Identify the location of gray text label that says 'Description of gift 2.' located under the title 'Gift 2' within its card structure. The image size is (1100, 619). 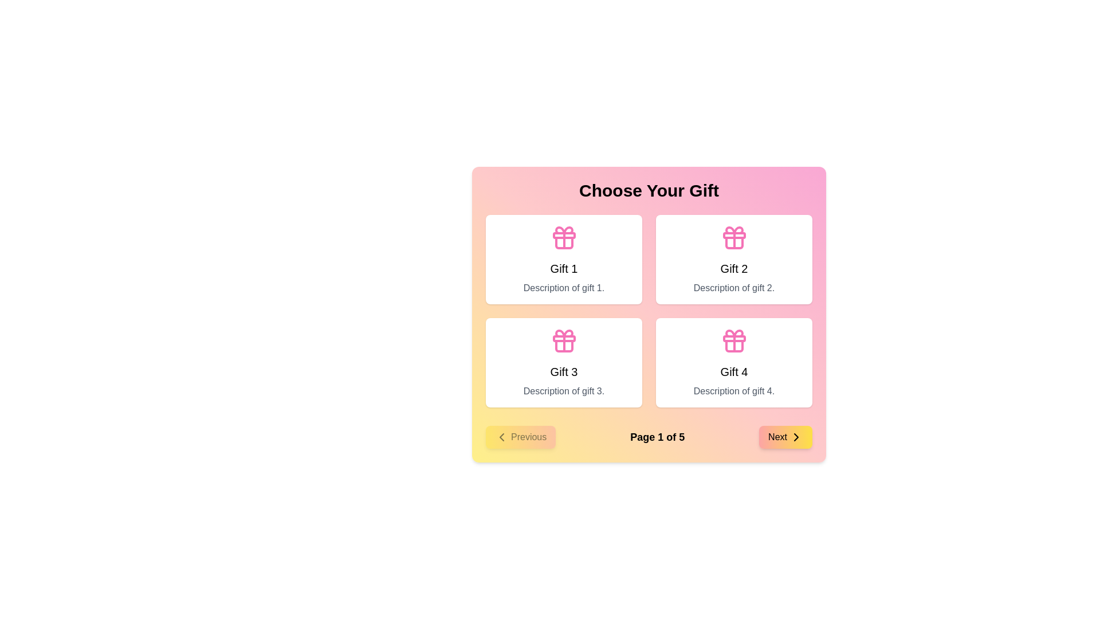
(734, 287).